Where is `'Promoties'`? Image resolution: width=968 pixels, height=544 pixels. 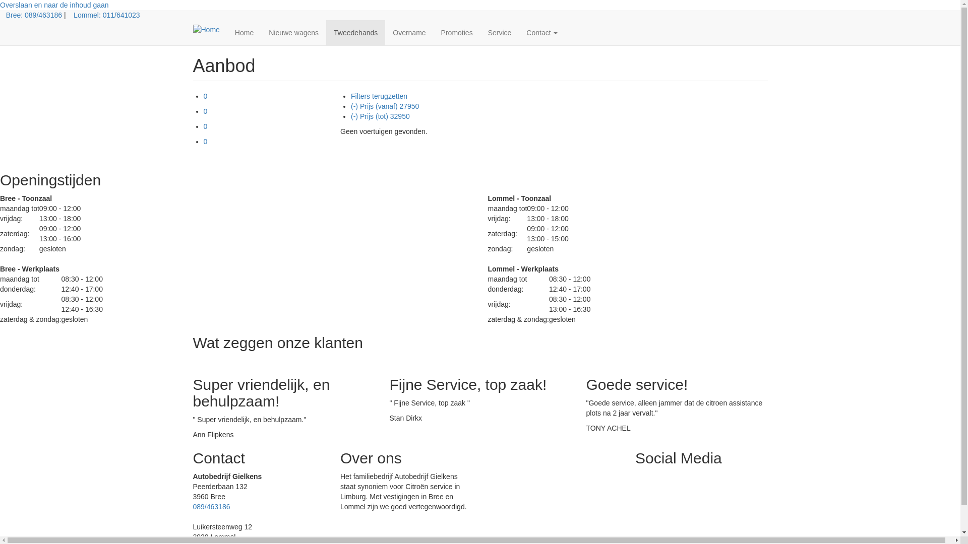 'Promoties' is located at coordinates (456, 32).